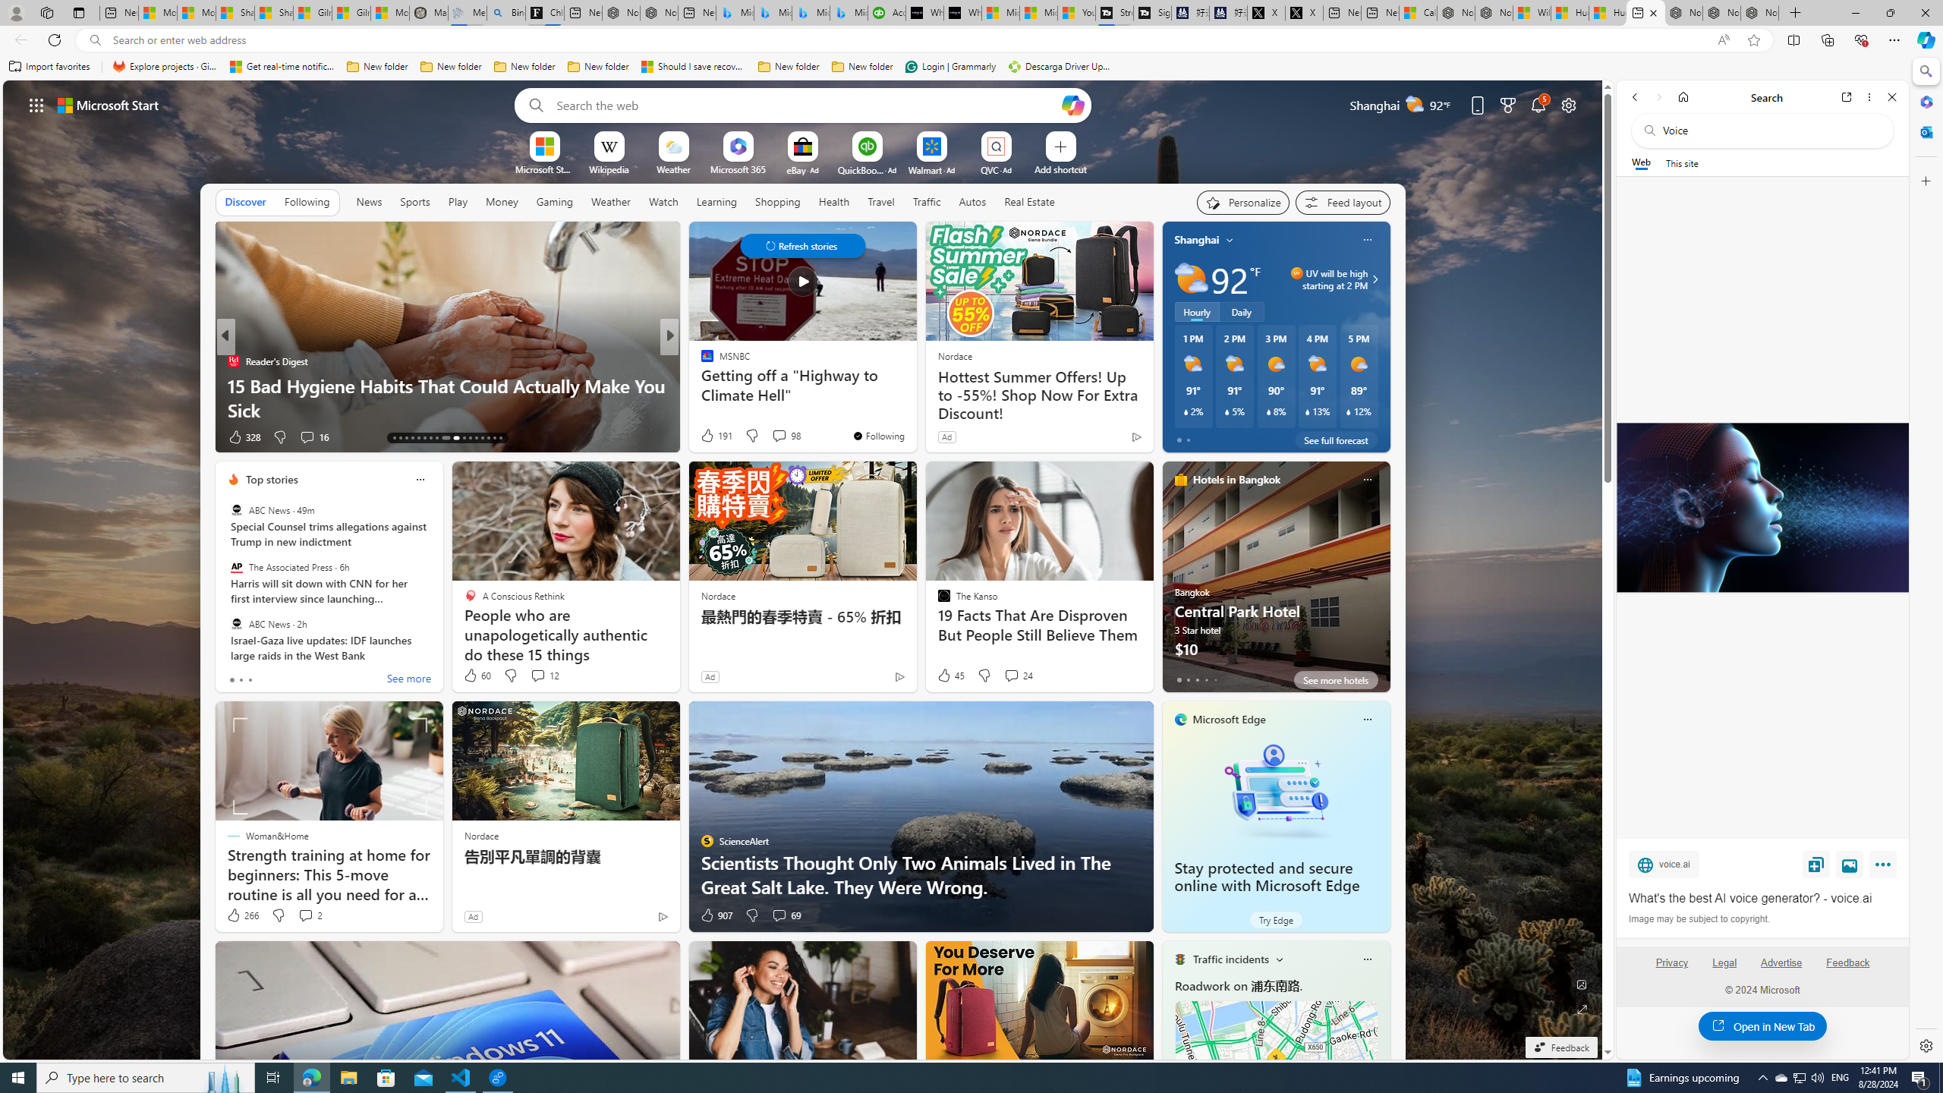 The image size is (1943, 1093). I want to click on 'The Why Files', so click(699, 360).